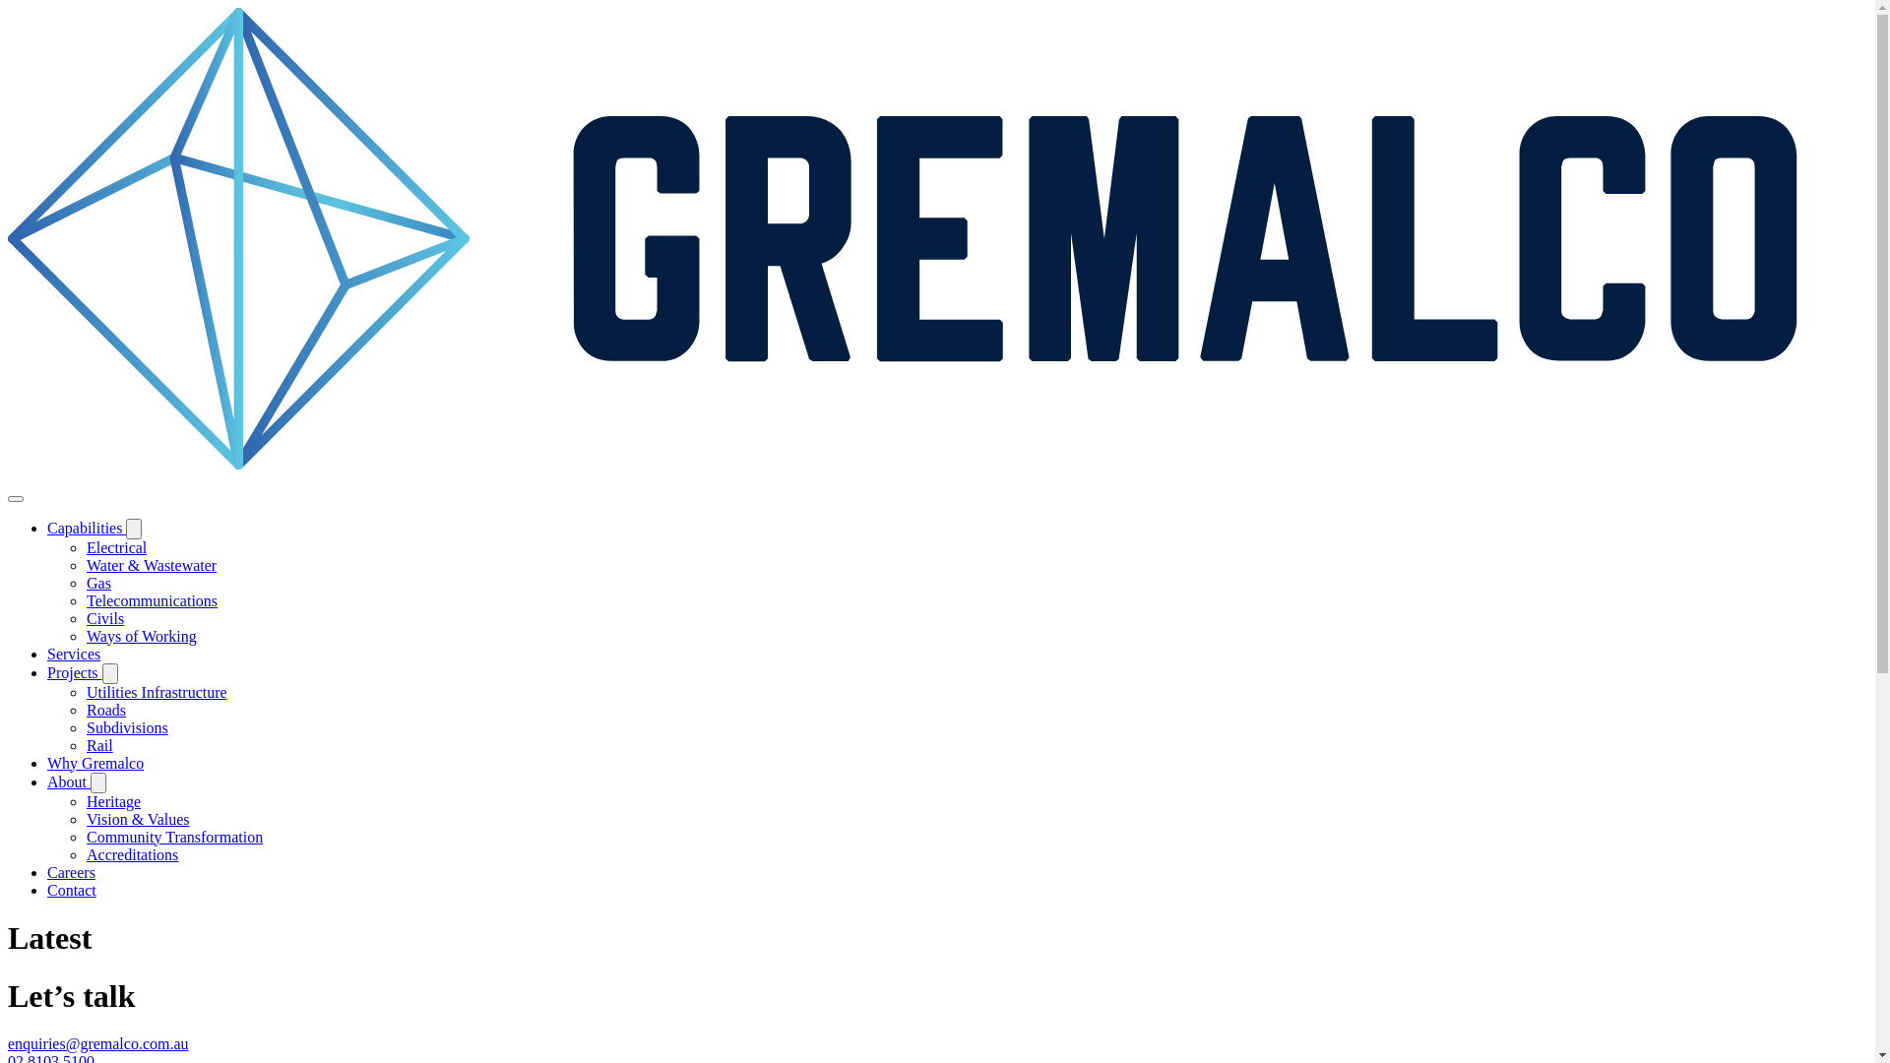  I want to click on 'enquiries@gremalco.com.au', so click(97, 1042).